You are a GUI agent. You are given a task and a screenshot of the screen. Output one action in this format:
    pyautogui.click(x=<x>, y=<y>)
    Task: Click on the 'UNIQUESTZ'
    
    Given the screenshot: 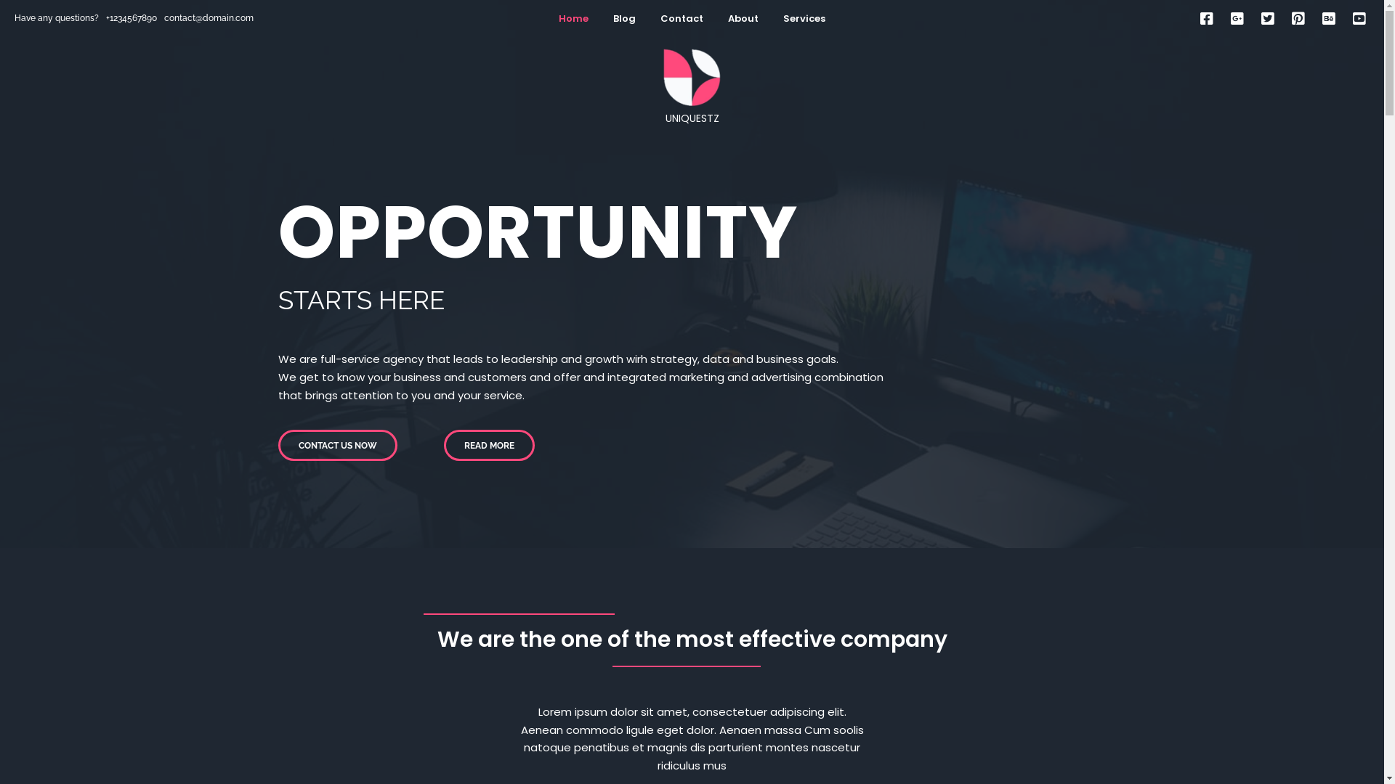 What is the action you would take?
    pyautogui.click(x=690, y=87)
    